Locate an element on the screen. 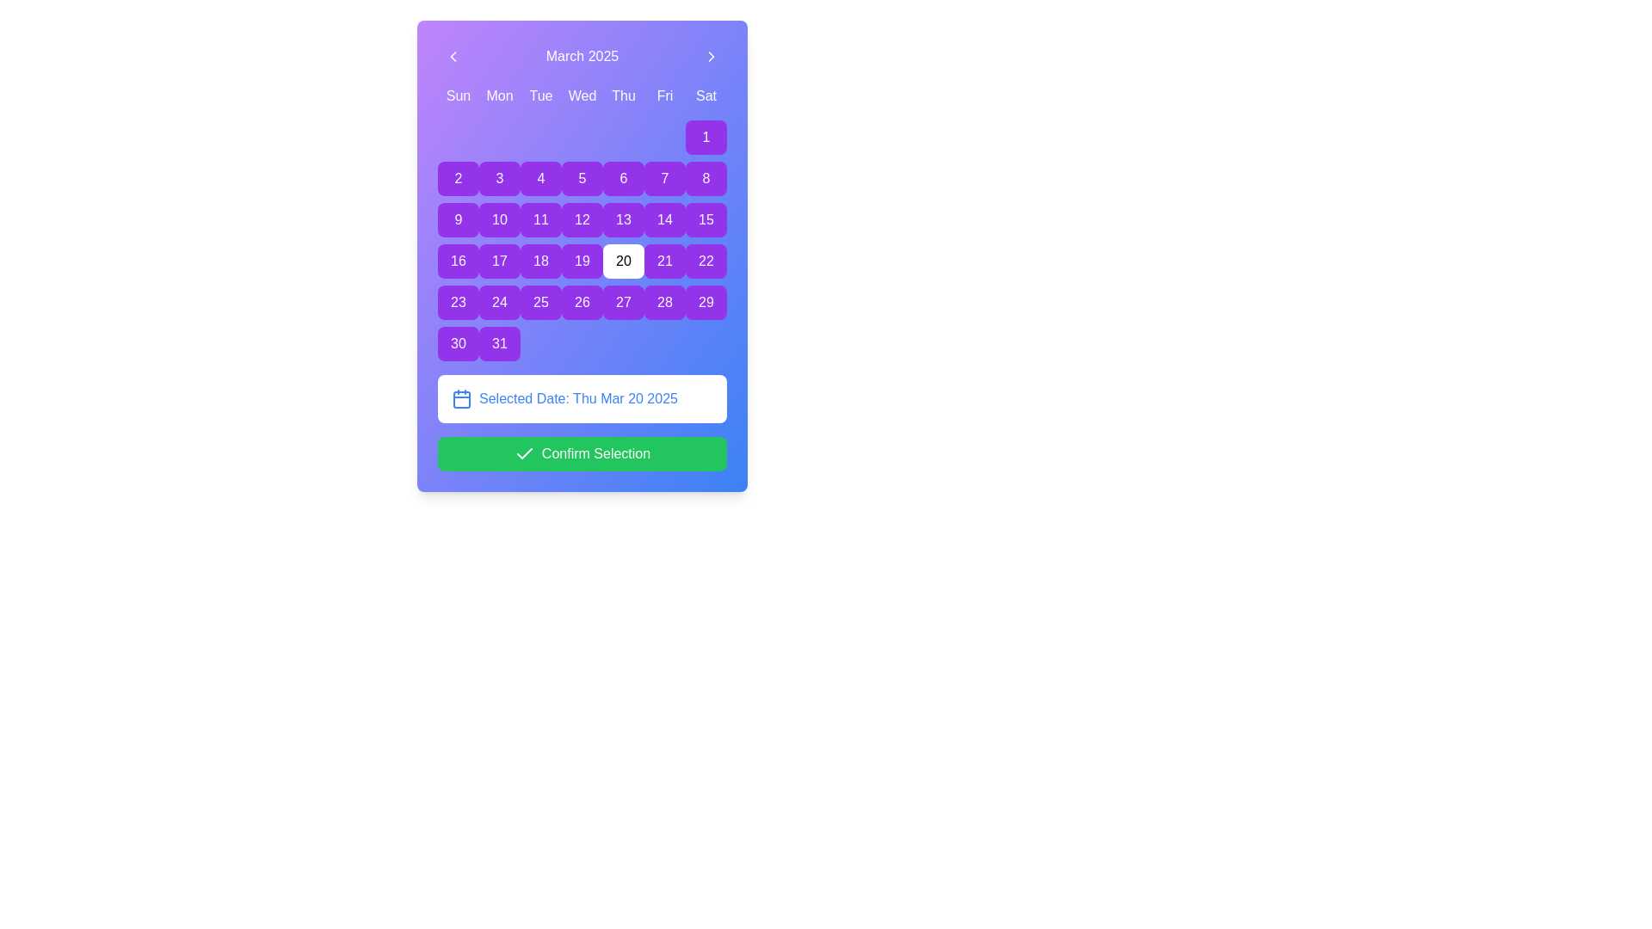  the Chevron right icon located in the upper-right corner of the calendar interface is located at coordinates (711, 55).